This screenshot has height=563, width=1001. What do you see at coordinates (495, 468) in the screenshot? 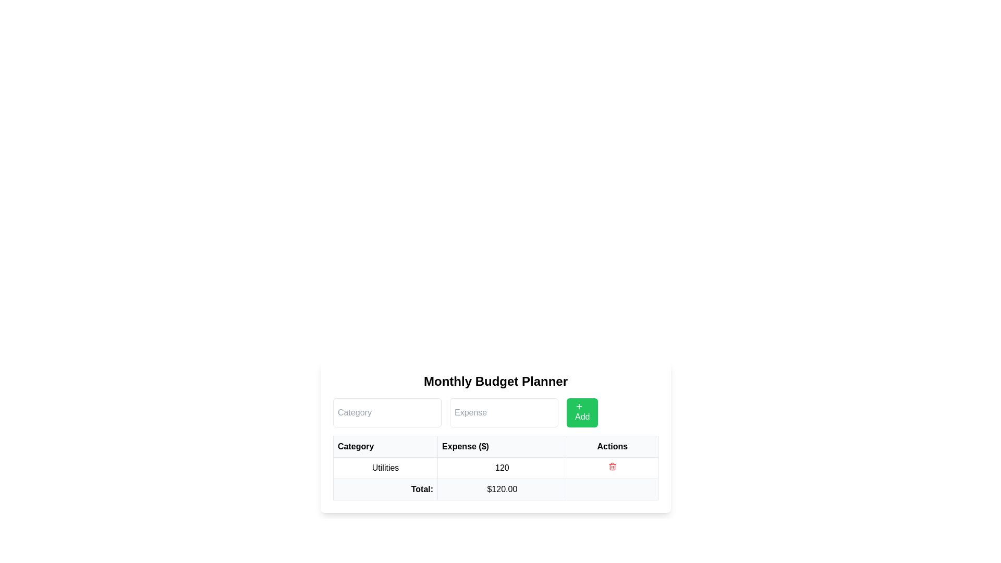
I see `the Text label displaying the expense amount for the 'Utilities' category in the second column of the table under 'Category Expense ($) Actions'` at bounding box center [495, 468].